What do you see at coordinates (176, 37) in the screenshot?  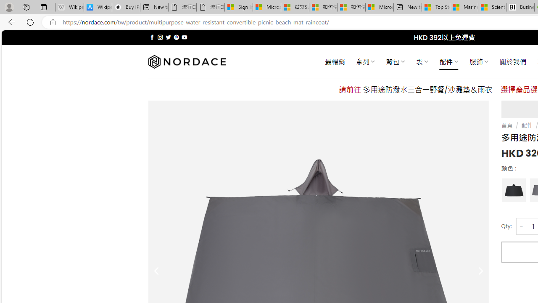 I see `'Follow on Pinterest'` at bounding box center [176, 37].